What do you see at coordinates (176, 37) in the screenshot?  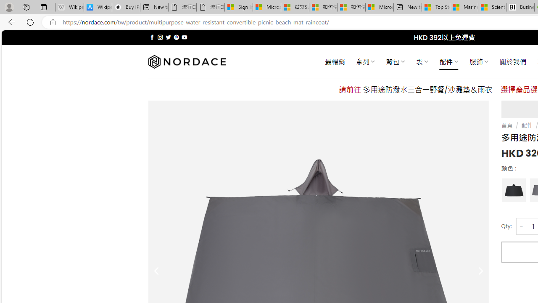 I see `'Follow on Pinterest'` at bounding box center [176, 37].